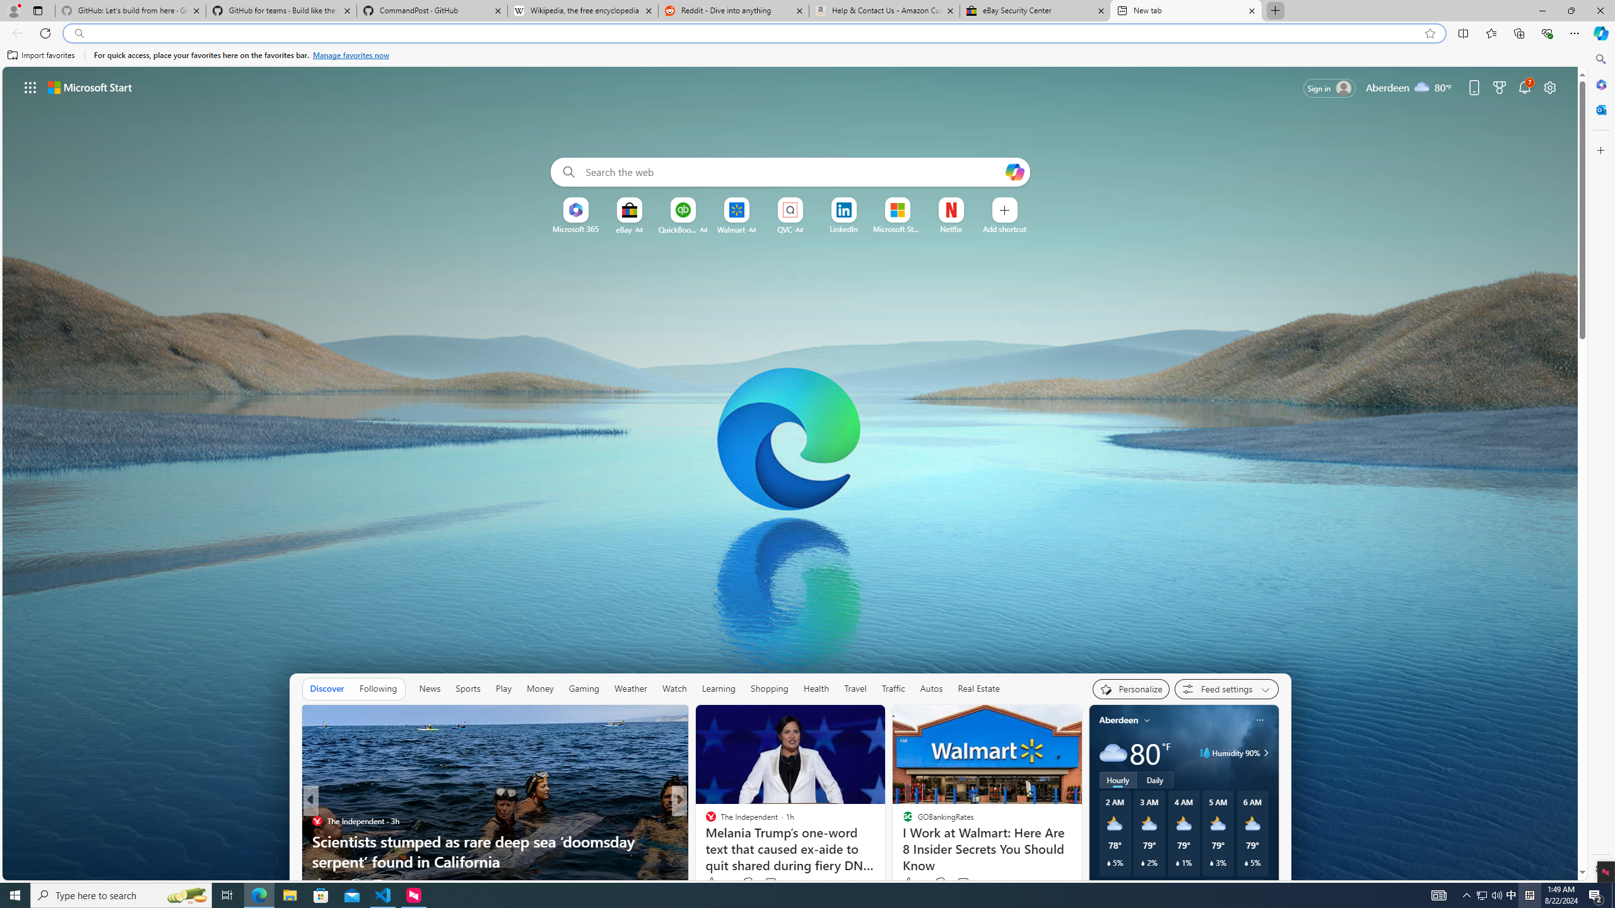  Describe the element at coordinates (774, 883) in the screenshot. I see `'View comments 237 Comment'` at that location.